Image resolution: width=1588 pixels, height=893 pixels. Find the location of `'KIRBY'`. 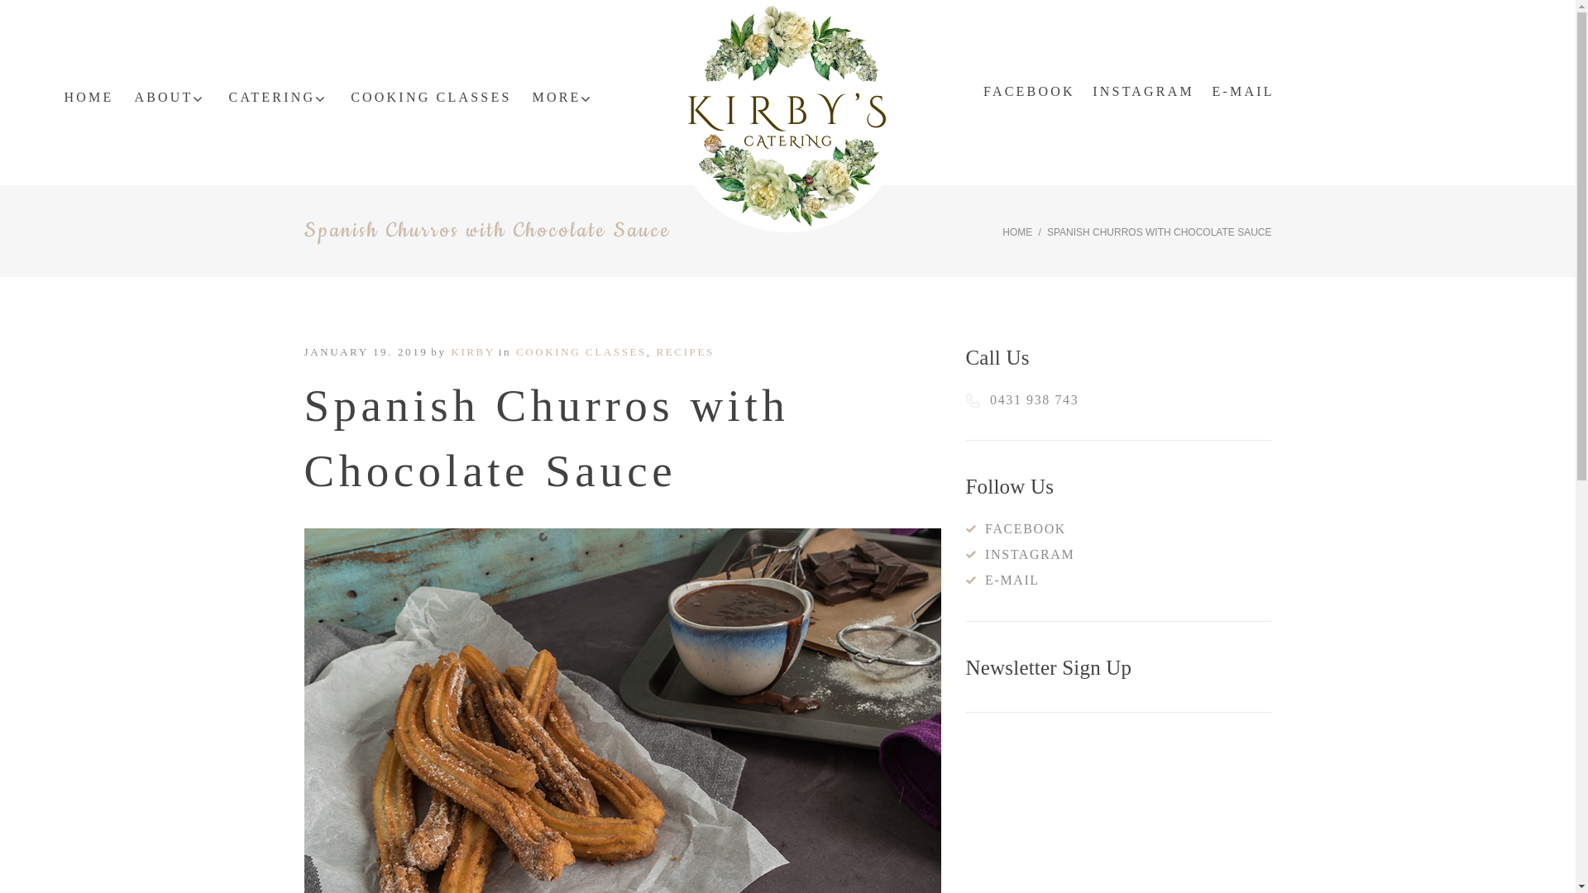

'KIRBY' is located at coordinates (471, 351).